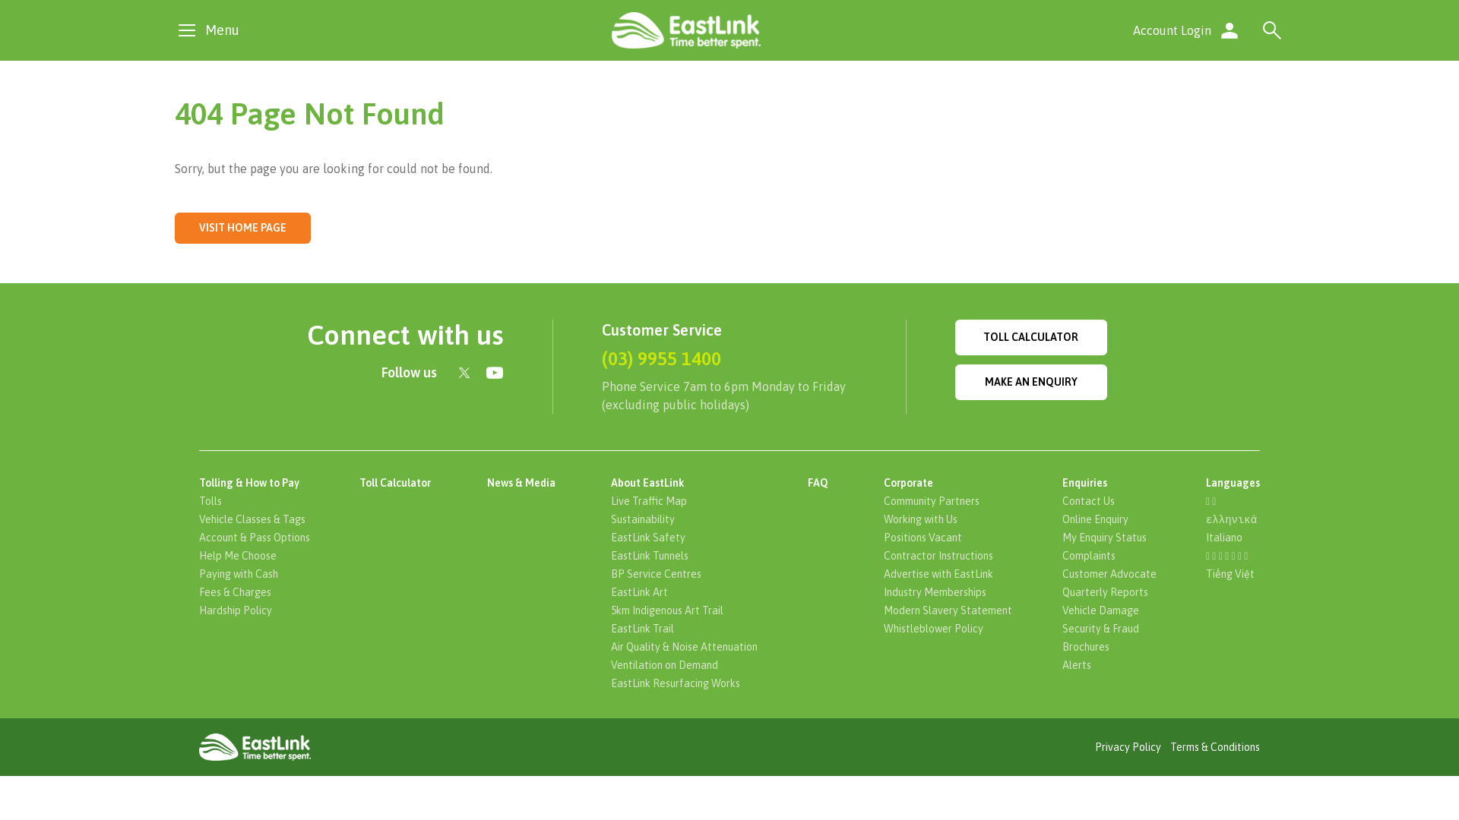 The height and width of the screenshot is (820, 1459). I want to click on 'Tolling & How to Pay', so click(258, 483).